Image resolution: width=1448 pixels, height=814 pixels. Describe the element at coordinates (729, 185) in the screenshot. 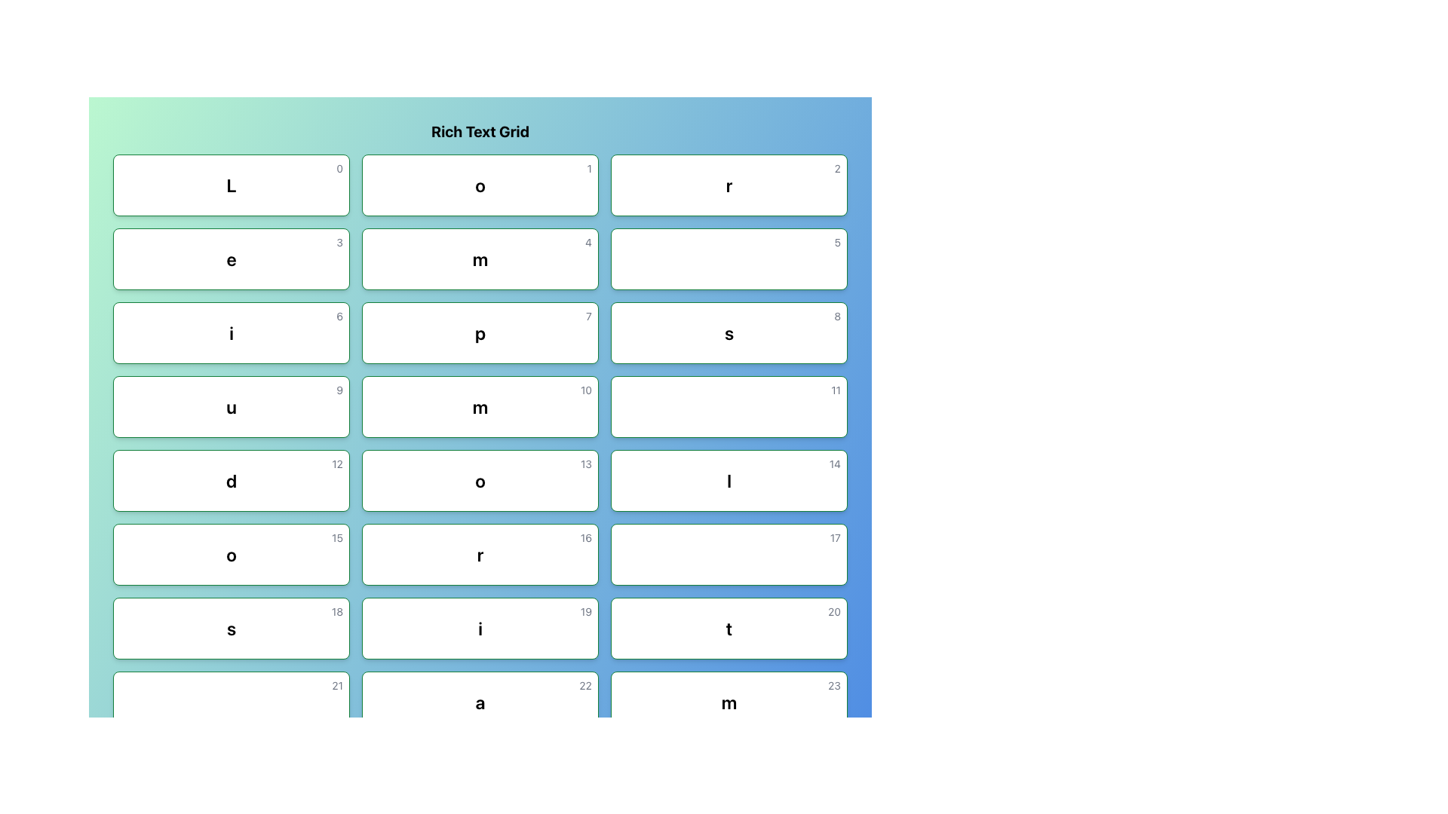

I see `the grid cell element displaying the label 'r' and index '2', which is located in the first row and third column of the grid layout` at that location.